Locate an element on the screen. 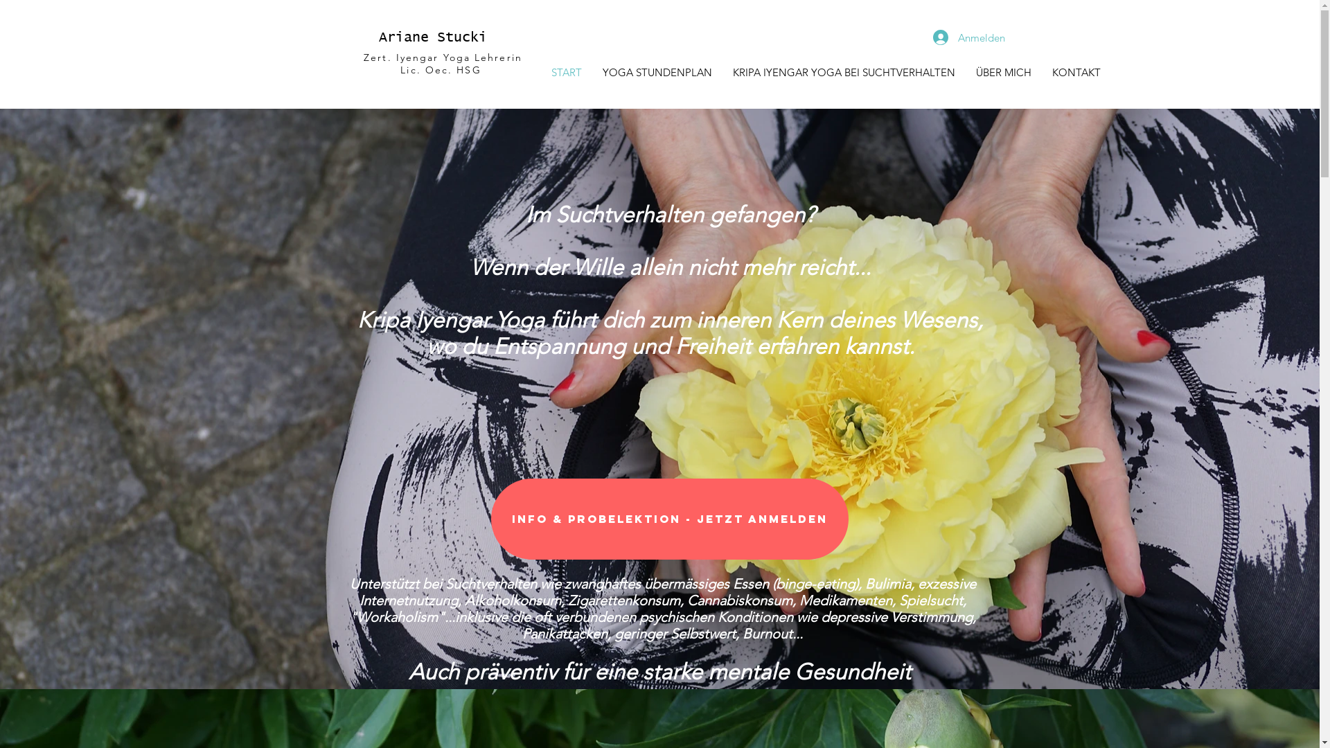  'Ariane Stucki' is located at coordinates (432, 37).